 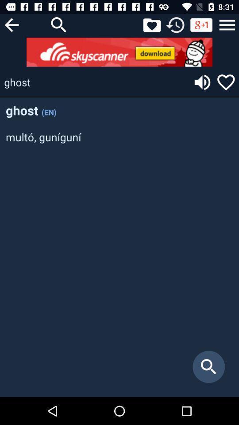 I want to click on like word, so click(x=226, y=82).